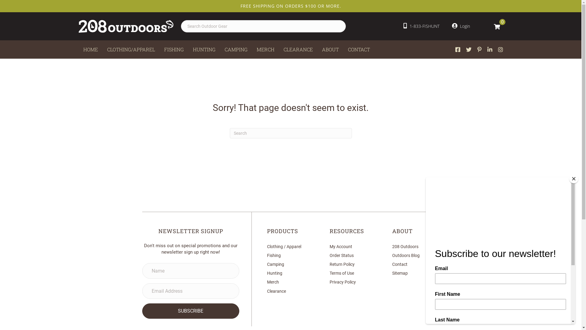  Describe the element at coordinates (341, 255) in the screenshot. I see `'Order Status'` at that location.